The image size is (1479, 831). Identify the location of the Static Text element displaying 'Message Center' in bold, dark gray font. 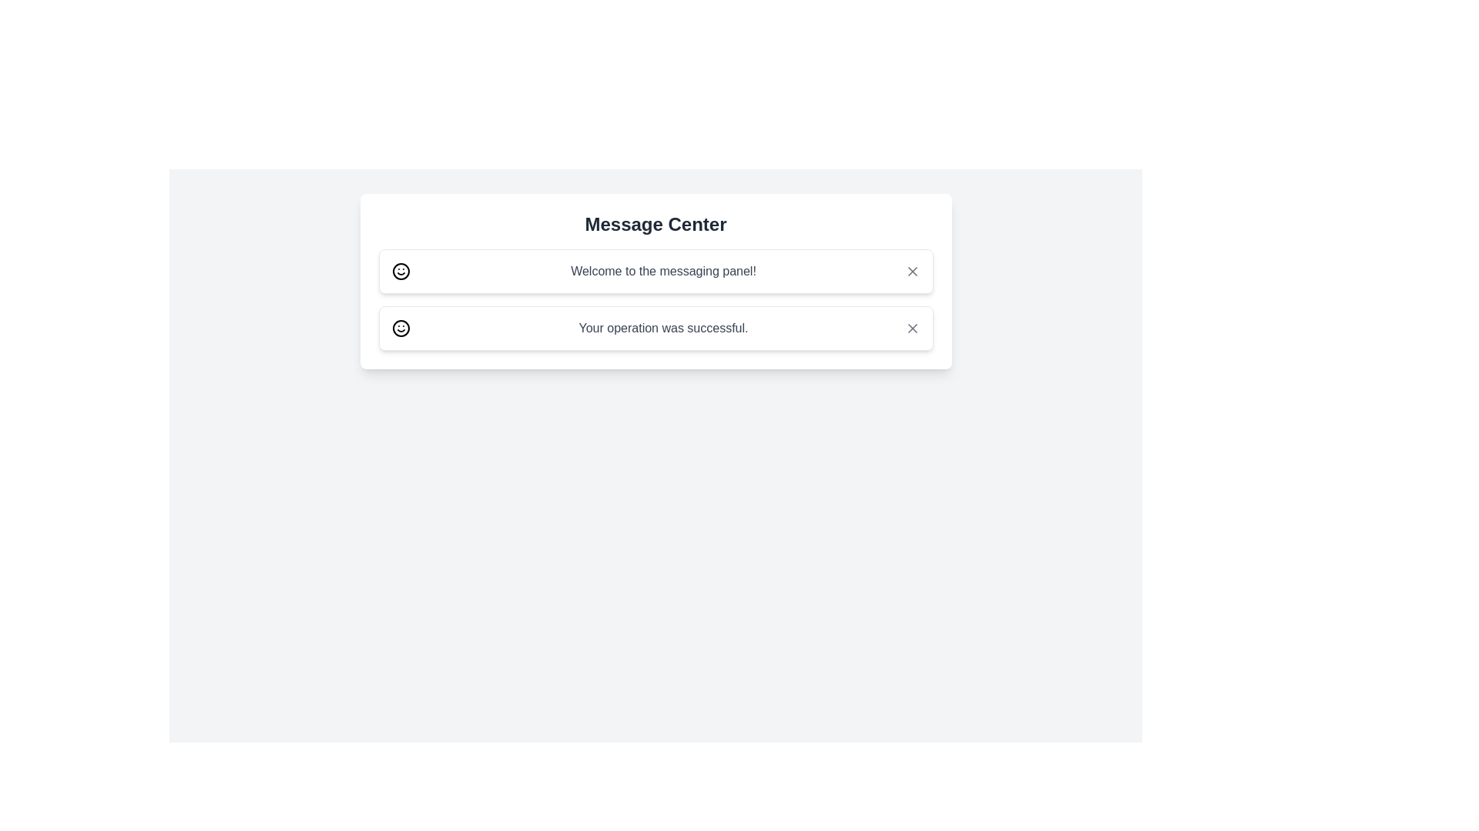
(656, 225).